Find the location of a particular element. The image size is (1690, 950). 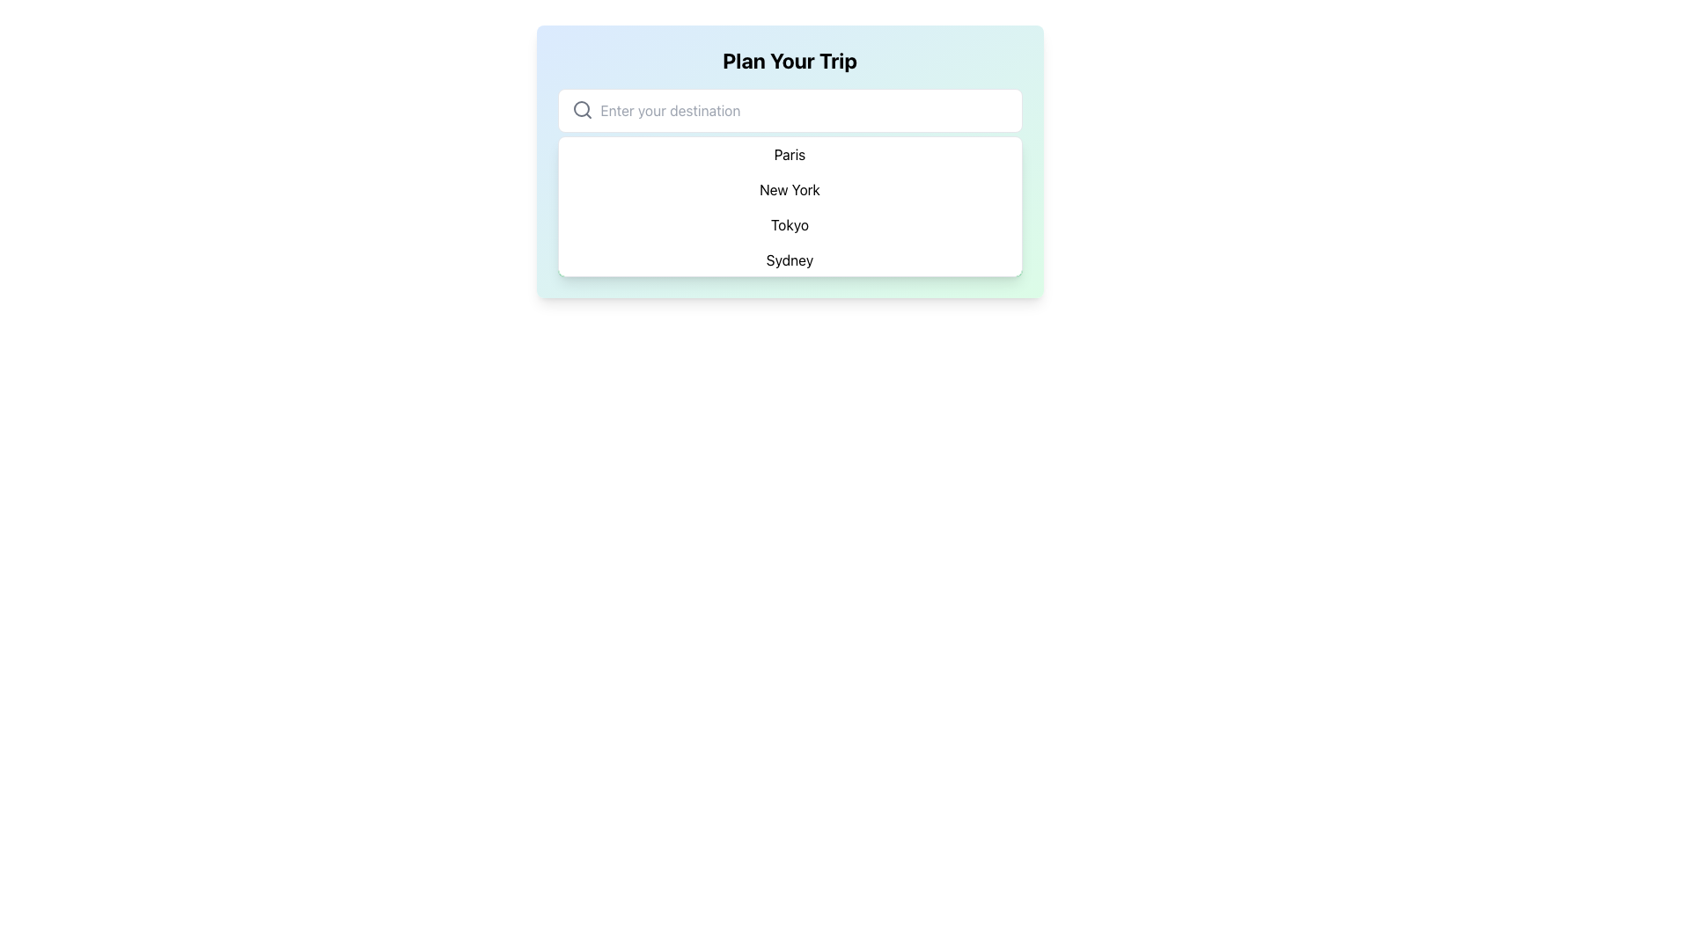

the first selectable option in the dropdown menu labeled 'Plan Your Trip' is located at coordinates (789, 154).